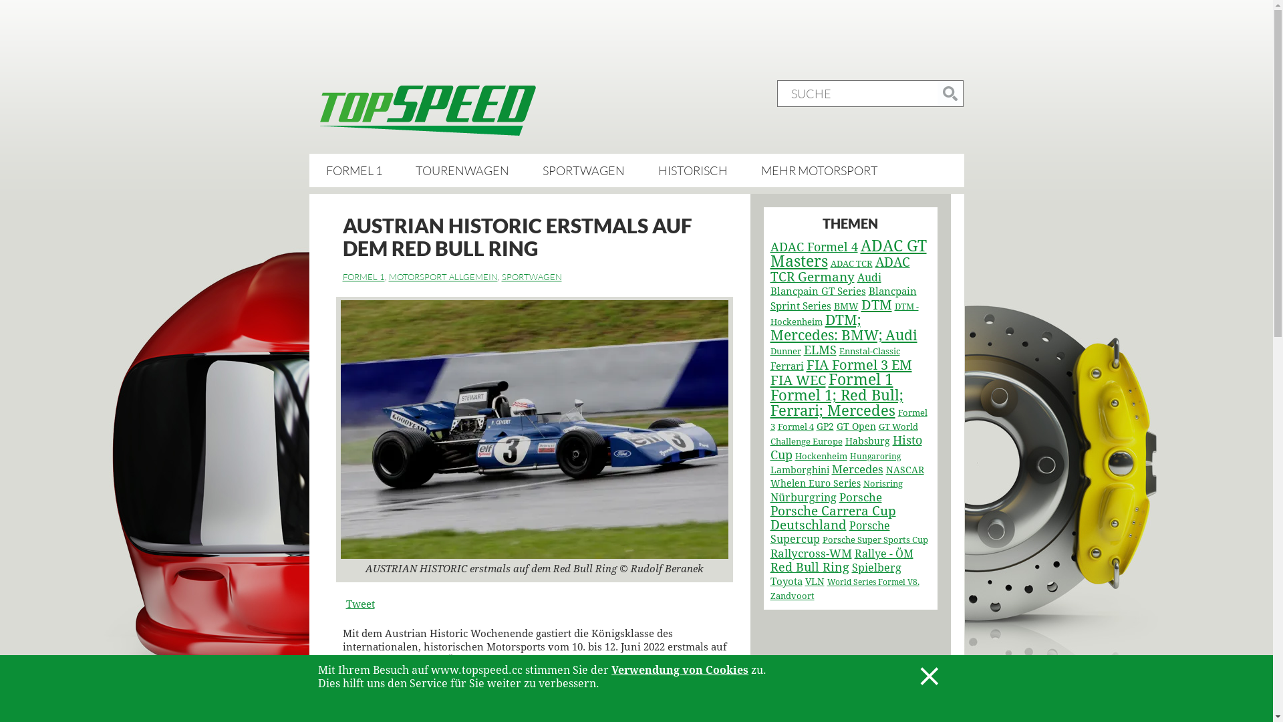  What do you see at coordinates (770, 298) in the screenshot?
I see `'Blancpain Sprint Series'` at bounding box center [770, 298].